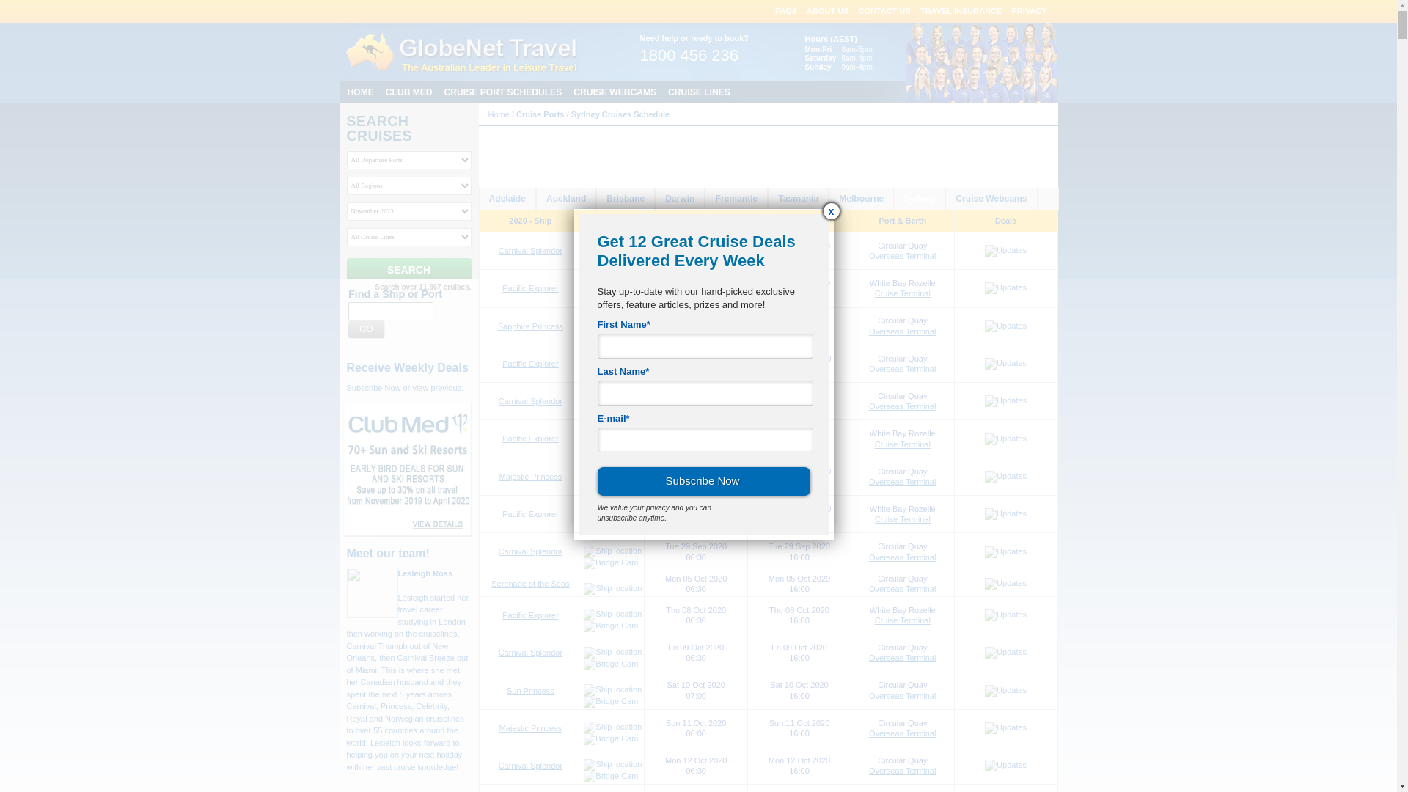  What do you see at coordinates (884, 11) in the screenshot?
I see `'CONTACT US'` at bounding box center [884, 11].